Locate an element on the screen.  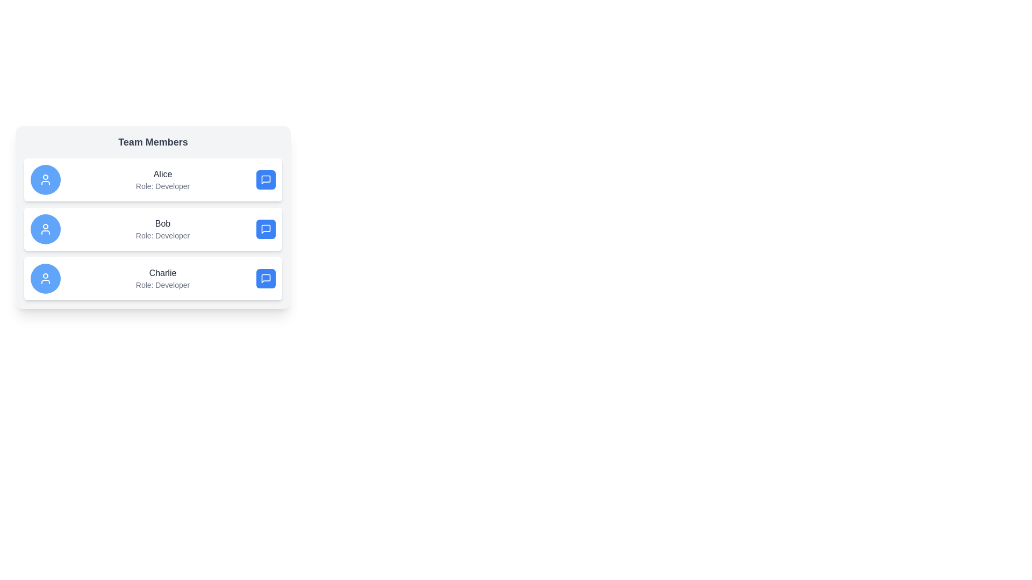
the team member card for Alice, which is the first card in the 'Team Members' list is located at coordinates (152, 179).